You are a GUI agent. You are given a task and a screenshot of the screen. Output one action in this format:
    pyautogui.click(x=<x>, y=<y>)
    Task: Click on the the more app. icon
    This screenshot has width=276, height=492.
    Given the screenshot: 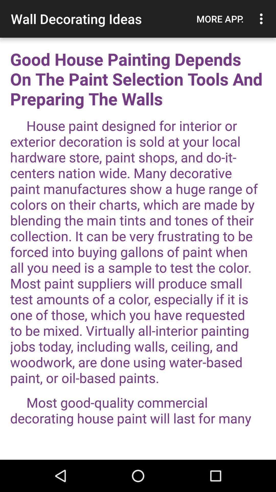 What is the action you would take?
    pyautogui.click(x=220, y=19)
    